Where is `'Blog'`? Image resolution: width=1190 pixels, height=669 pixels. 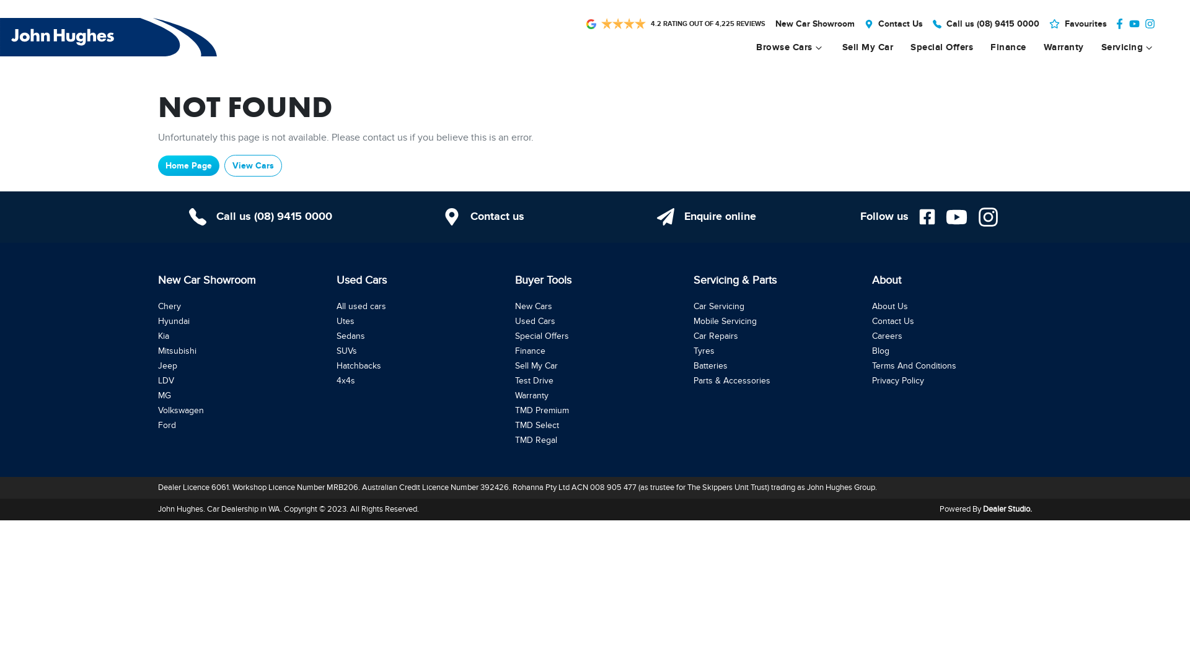
'Blog' is located at coordinates (879, 351).